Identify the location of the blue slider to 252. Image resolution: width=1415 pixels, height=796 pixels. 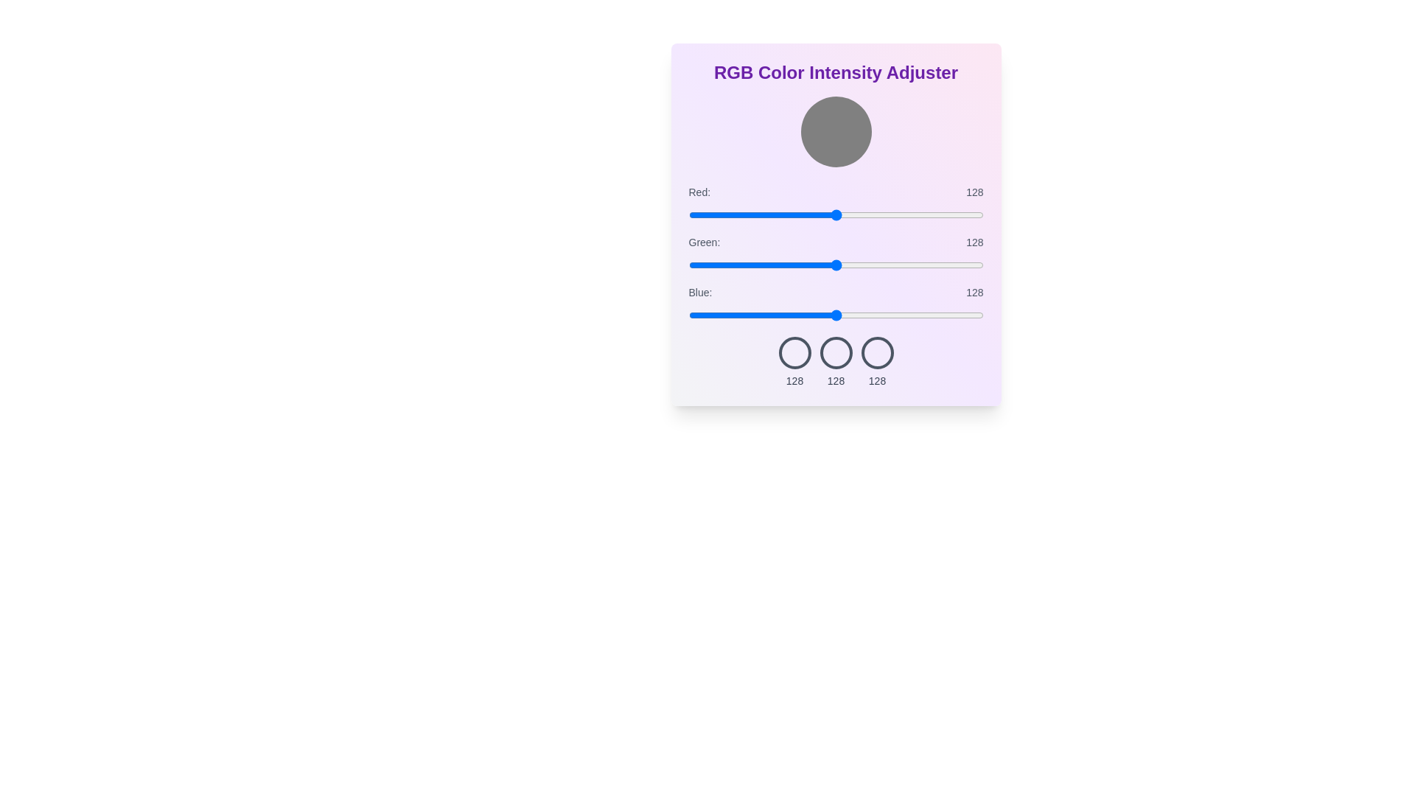
(979, 315).